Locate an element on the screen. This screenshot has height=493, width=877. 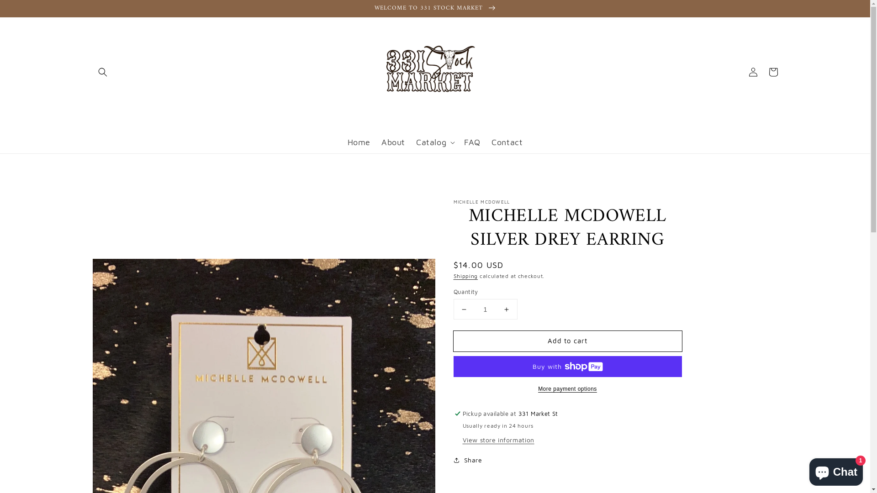
'Skip to product information    ' is located at coordinates (263, 221).